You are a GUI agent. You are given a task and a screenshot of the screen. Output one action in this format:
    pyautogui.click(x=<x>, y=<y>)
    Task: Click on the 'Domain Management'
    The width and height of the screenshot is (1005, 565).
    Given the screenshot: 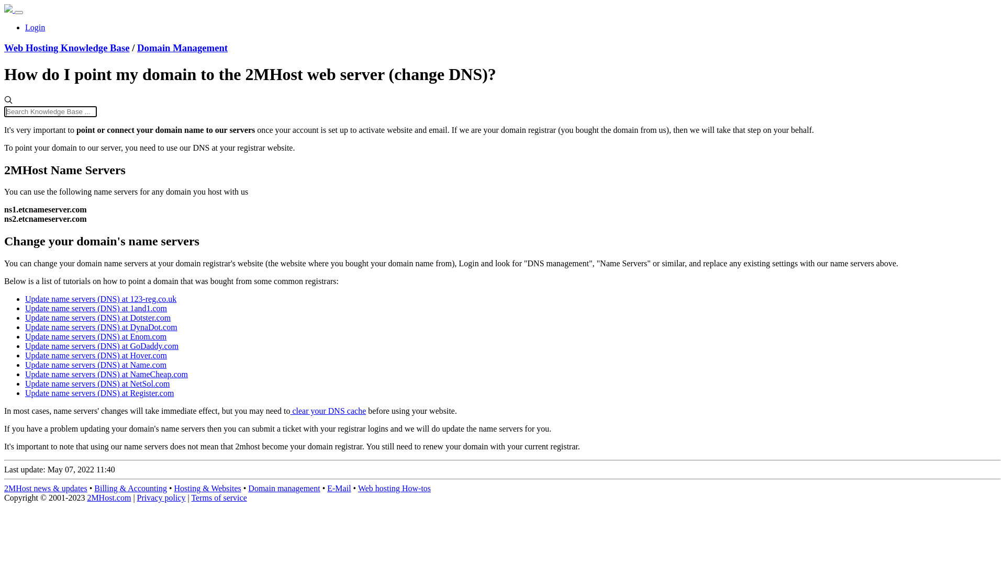 What is the action you would take?
    pyautogui.click(x=137, y=48)
    